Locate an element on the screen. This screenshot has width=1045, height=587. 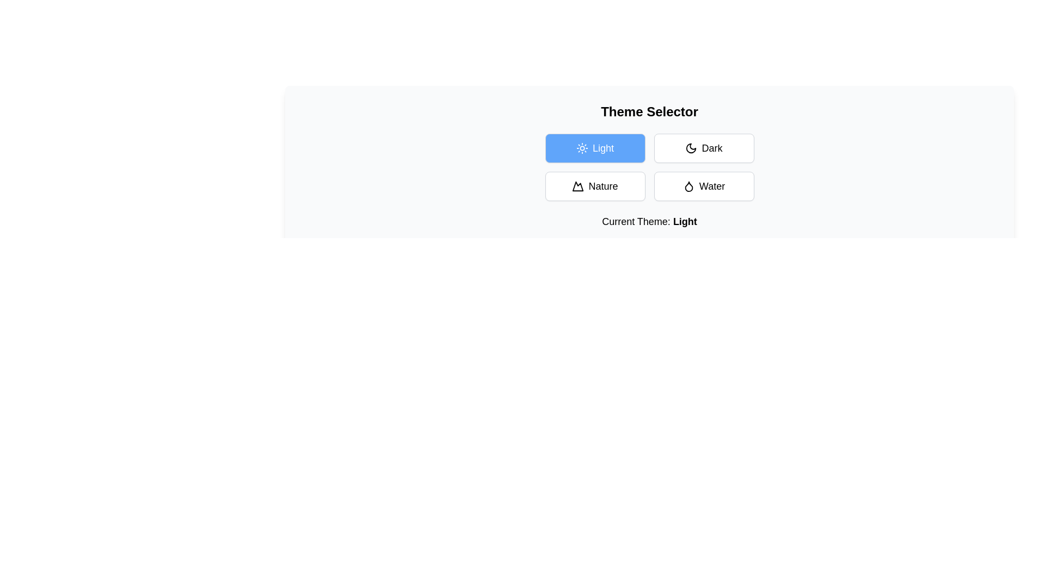
the non-interactive Text Label that indicates the currently selected theme, positioned beneath the theme options section is located at coordinates (649, 221).